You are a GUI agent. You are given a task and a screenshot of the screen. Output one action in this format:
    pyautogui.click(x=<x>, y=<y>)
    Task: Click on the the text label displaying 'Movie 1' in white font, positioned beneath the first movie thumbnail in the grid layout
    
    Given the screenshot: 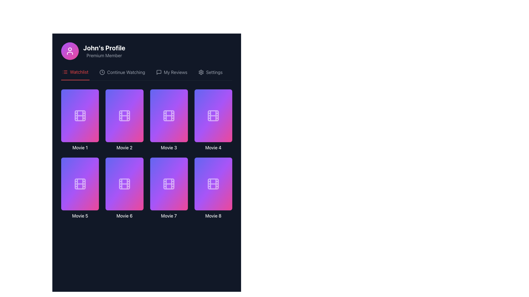 What is the action you would take?
    pyautogui.click(x=80, y=147)
    